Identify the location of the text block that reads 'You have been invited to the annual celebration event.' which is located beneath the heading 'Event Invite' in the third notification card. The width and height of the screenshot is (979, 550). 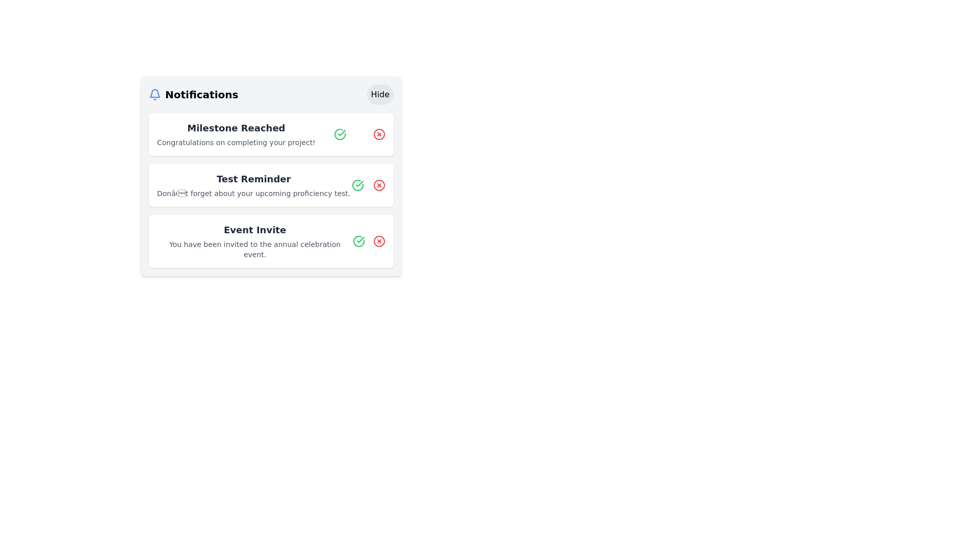
(254, 249).